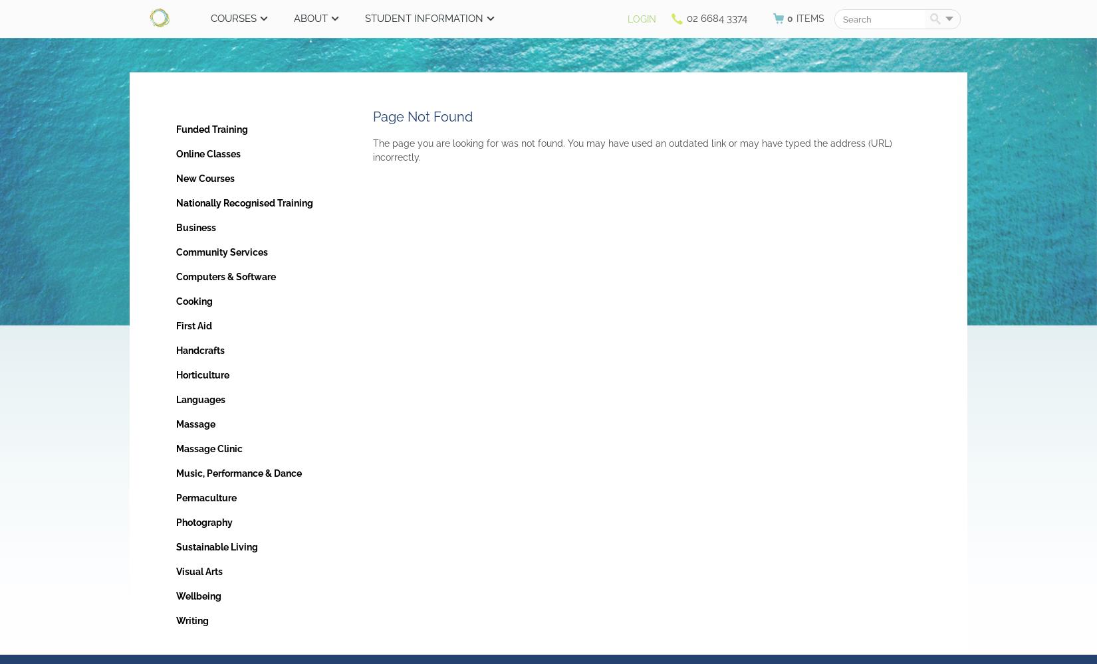  What do you see at coordinates (200, 351) in the screenshot?
I see `'Handcrafts'` at bounding box center [200, 351].